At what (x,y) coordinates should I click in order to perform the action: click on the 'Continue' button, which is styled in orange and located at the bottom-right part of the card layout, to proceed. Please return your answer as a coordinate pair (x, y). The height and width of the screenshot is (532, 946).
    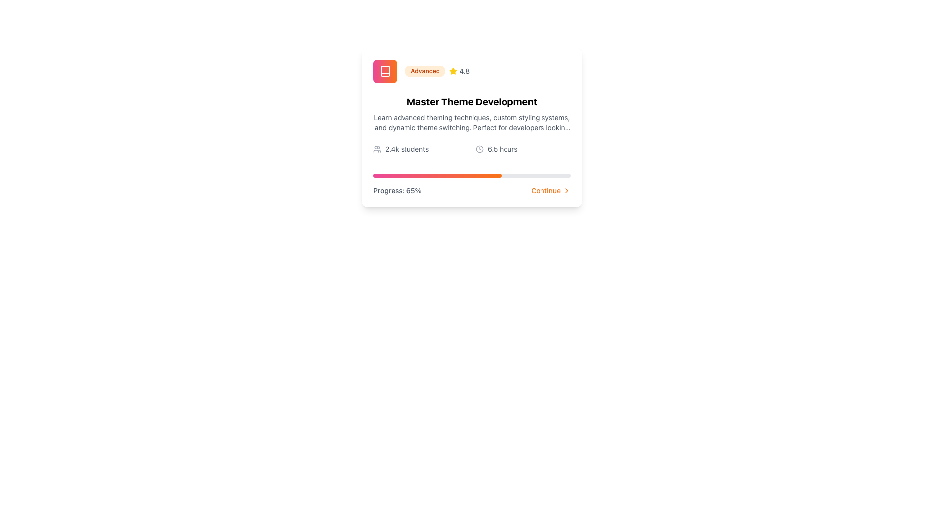
    Looking at the image, I should click on (550, 190).